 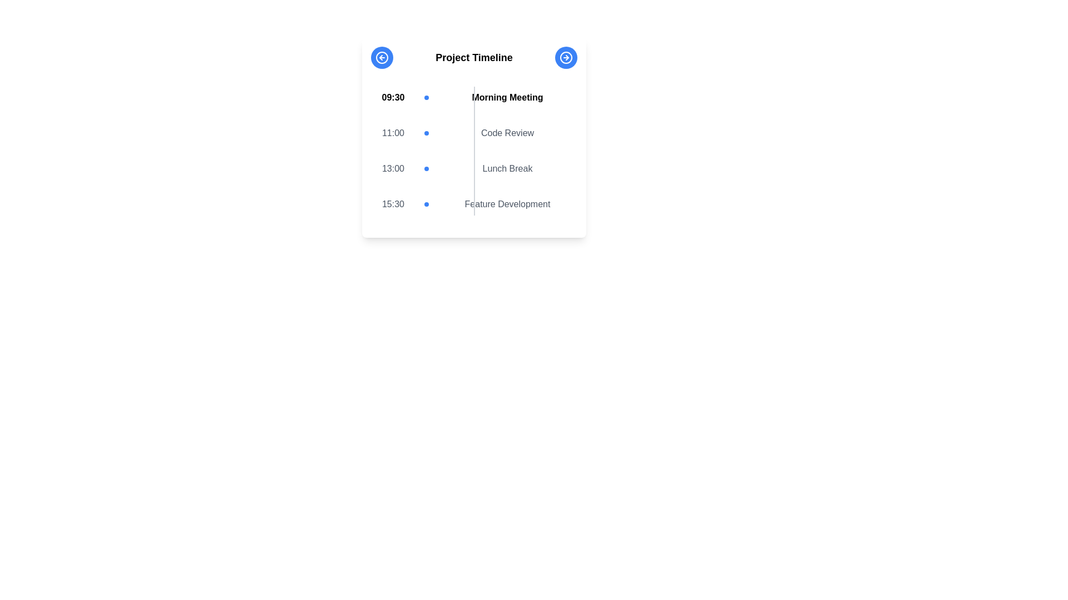 I want to click on the first time label displaying the scheduled time for the 'Morning Meeting' event, so click(x=393, y=97).